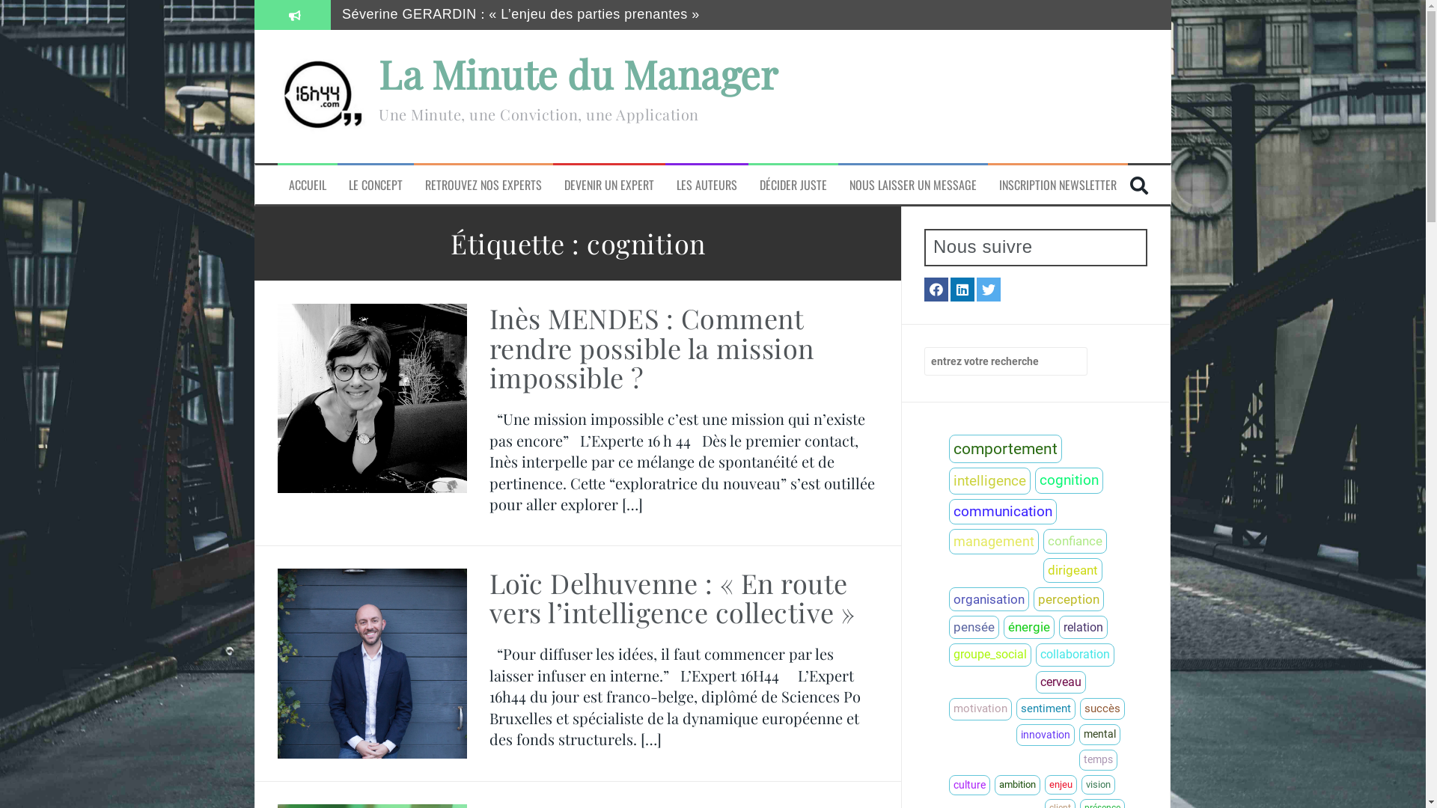  Describe the element at coordinates (1067, 599) in the screenshot. I see `'perception'` at that location.